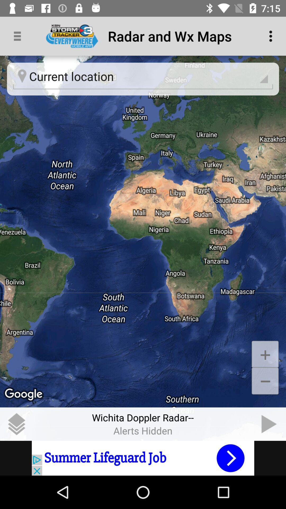  Describe the element at coordinates (269, 424) in the screenshot. I see `previous` at that location.